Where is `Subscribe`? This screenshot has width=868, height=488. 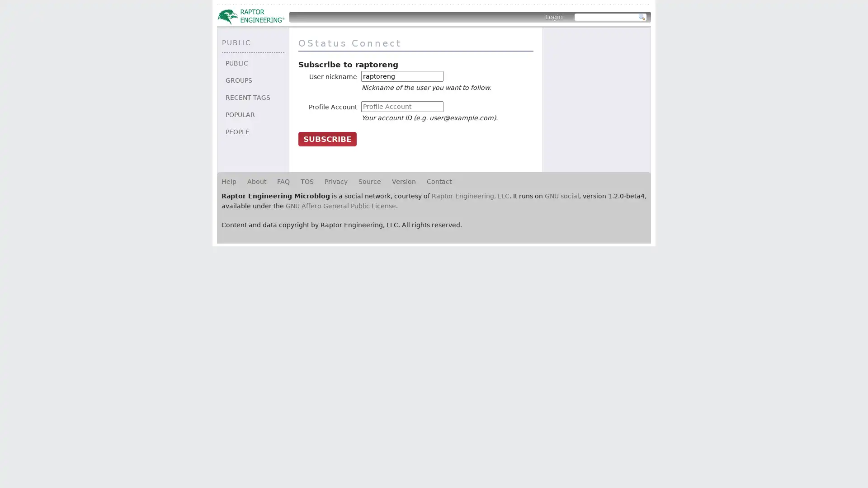
Subscribe is located at coordinates (327, 139).